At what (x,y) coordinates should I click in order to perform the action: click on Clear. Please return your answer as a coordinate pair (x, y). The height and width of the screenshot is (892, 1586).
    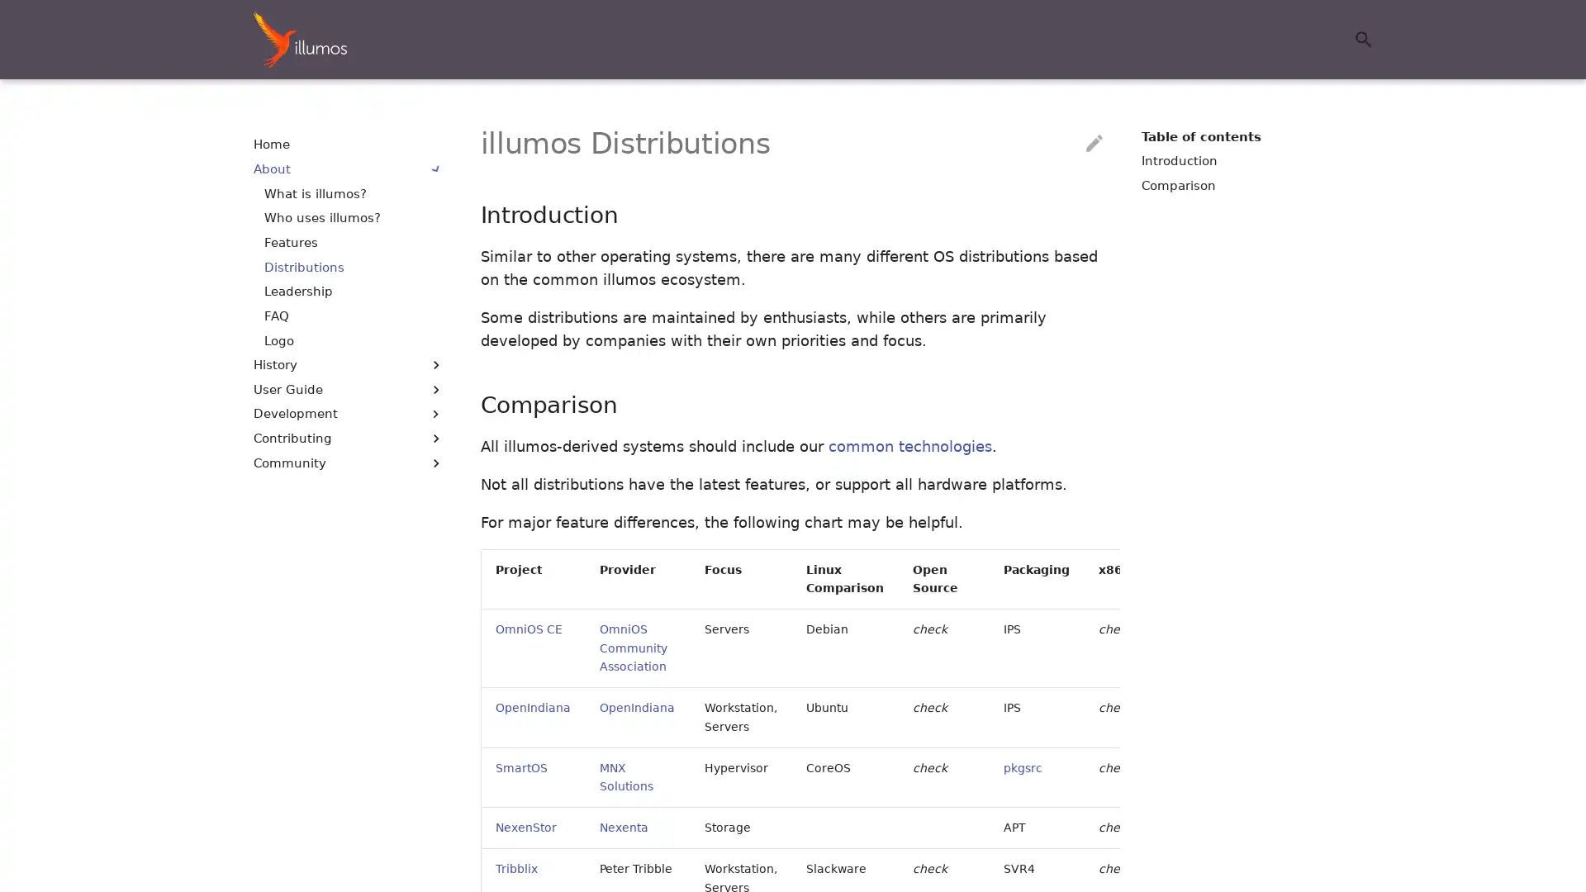
    Looking at the image, I should click on (1323, 38).